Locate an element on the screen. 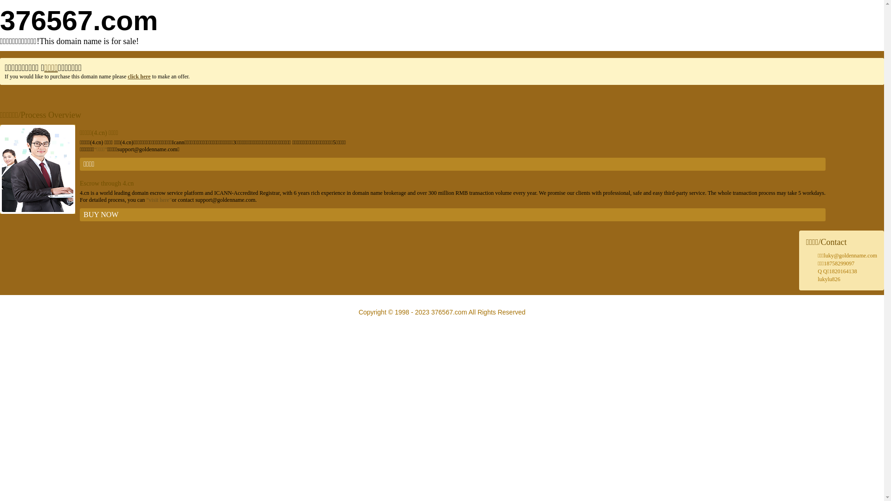 The width and height of the screenshot is (891, 501). 'click here' is located at coordinates (138, 76).